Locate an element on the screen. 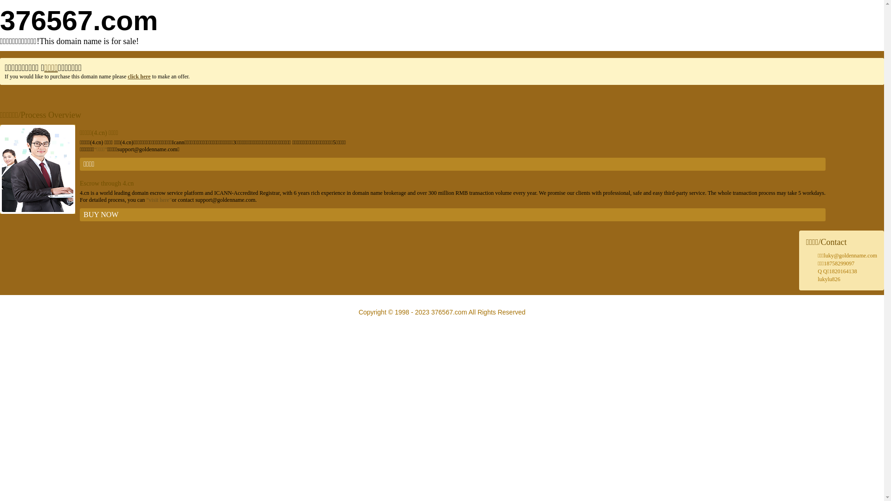 The width and height of the screenshot is (891, 501). 'click here' is located at coordinates (138, 76).